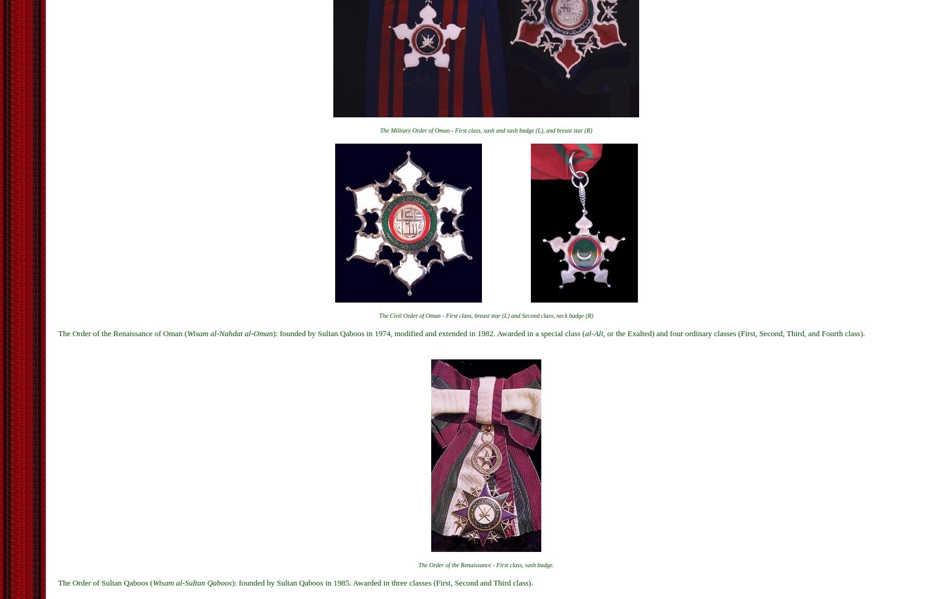  What do you see at coordinates (485, 565) in the screenshot?
I see `'The Order of the Renaissance - First class, sash badge.'` at bounding box center [485, 565].